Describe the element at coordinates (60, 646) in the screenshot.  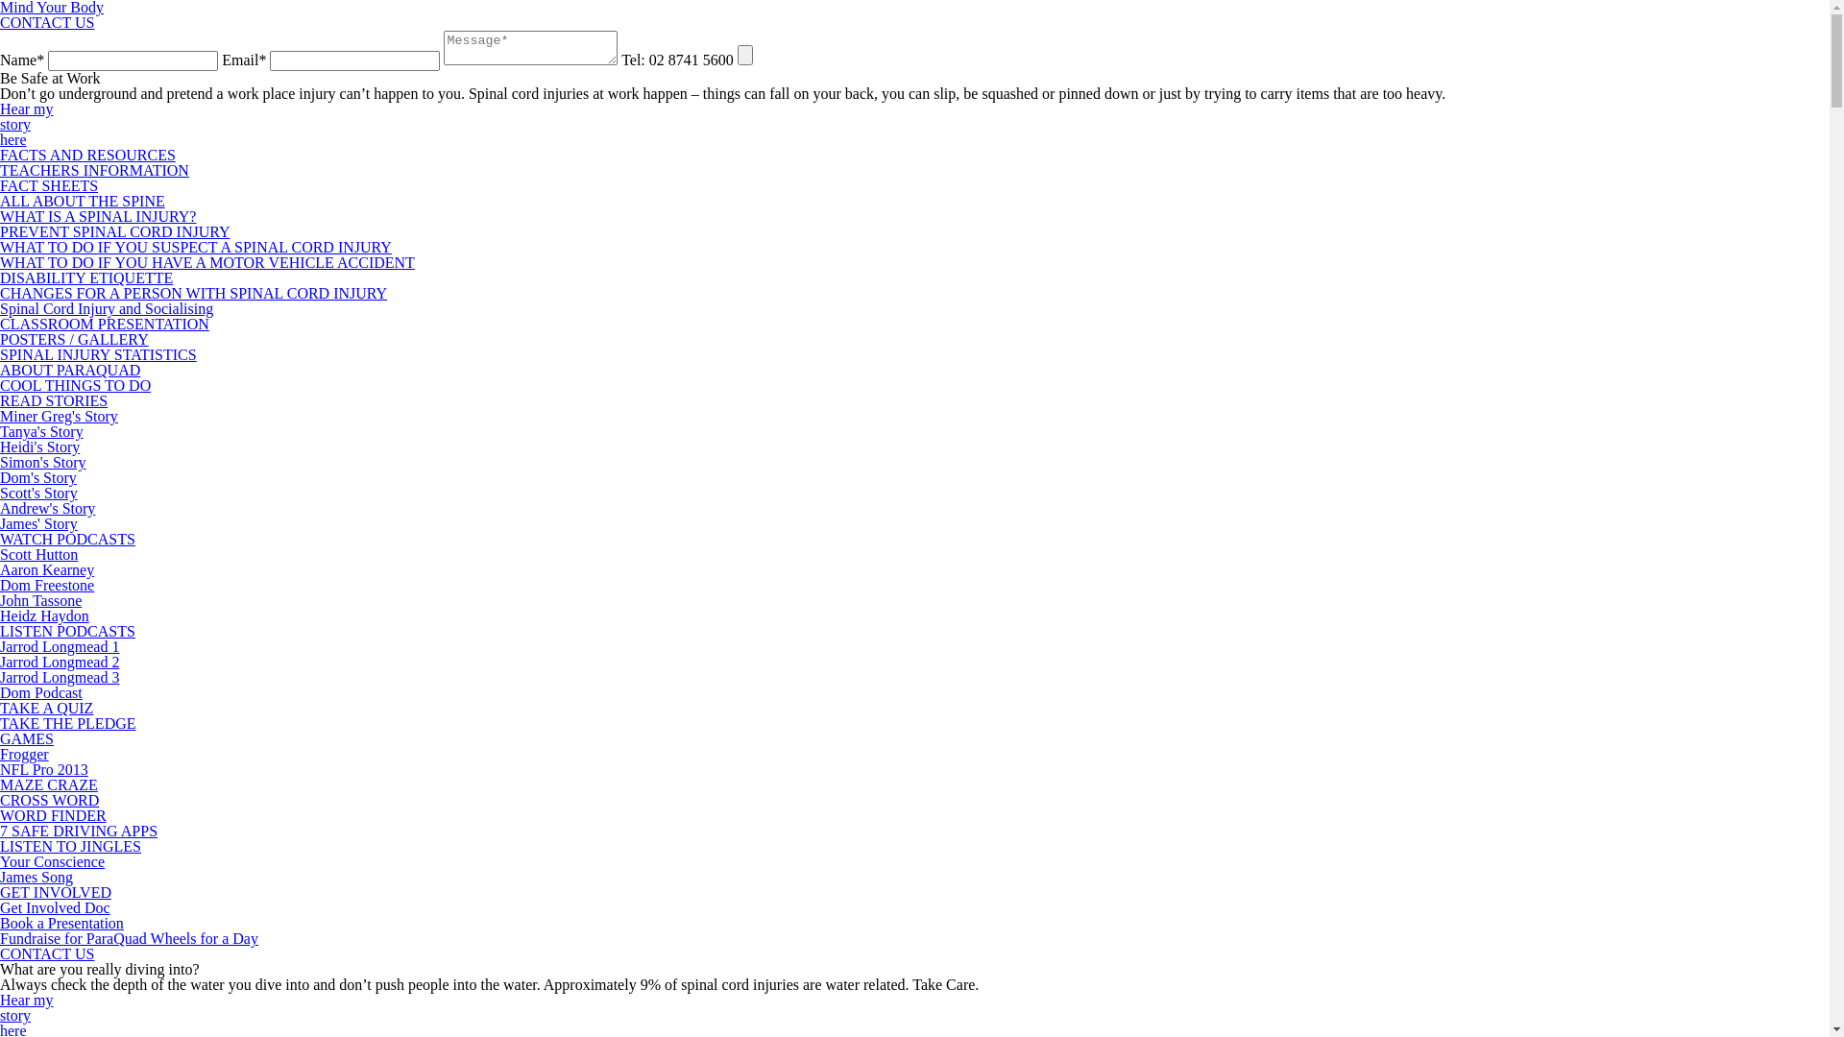
I see `'Jarrod Longmead 1'` at that location.